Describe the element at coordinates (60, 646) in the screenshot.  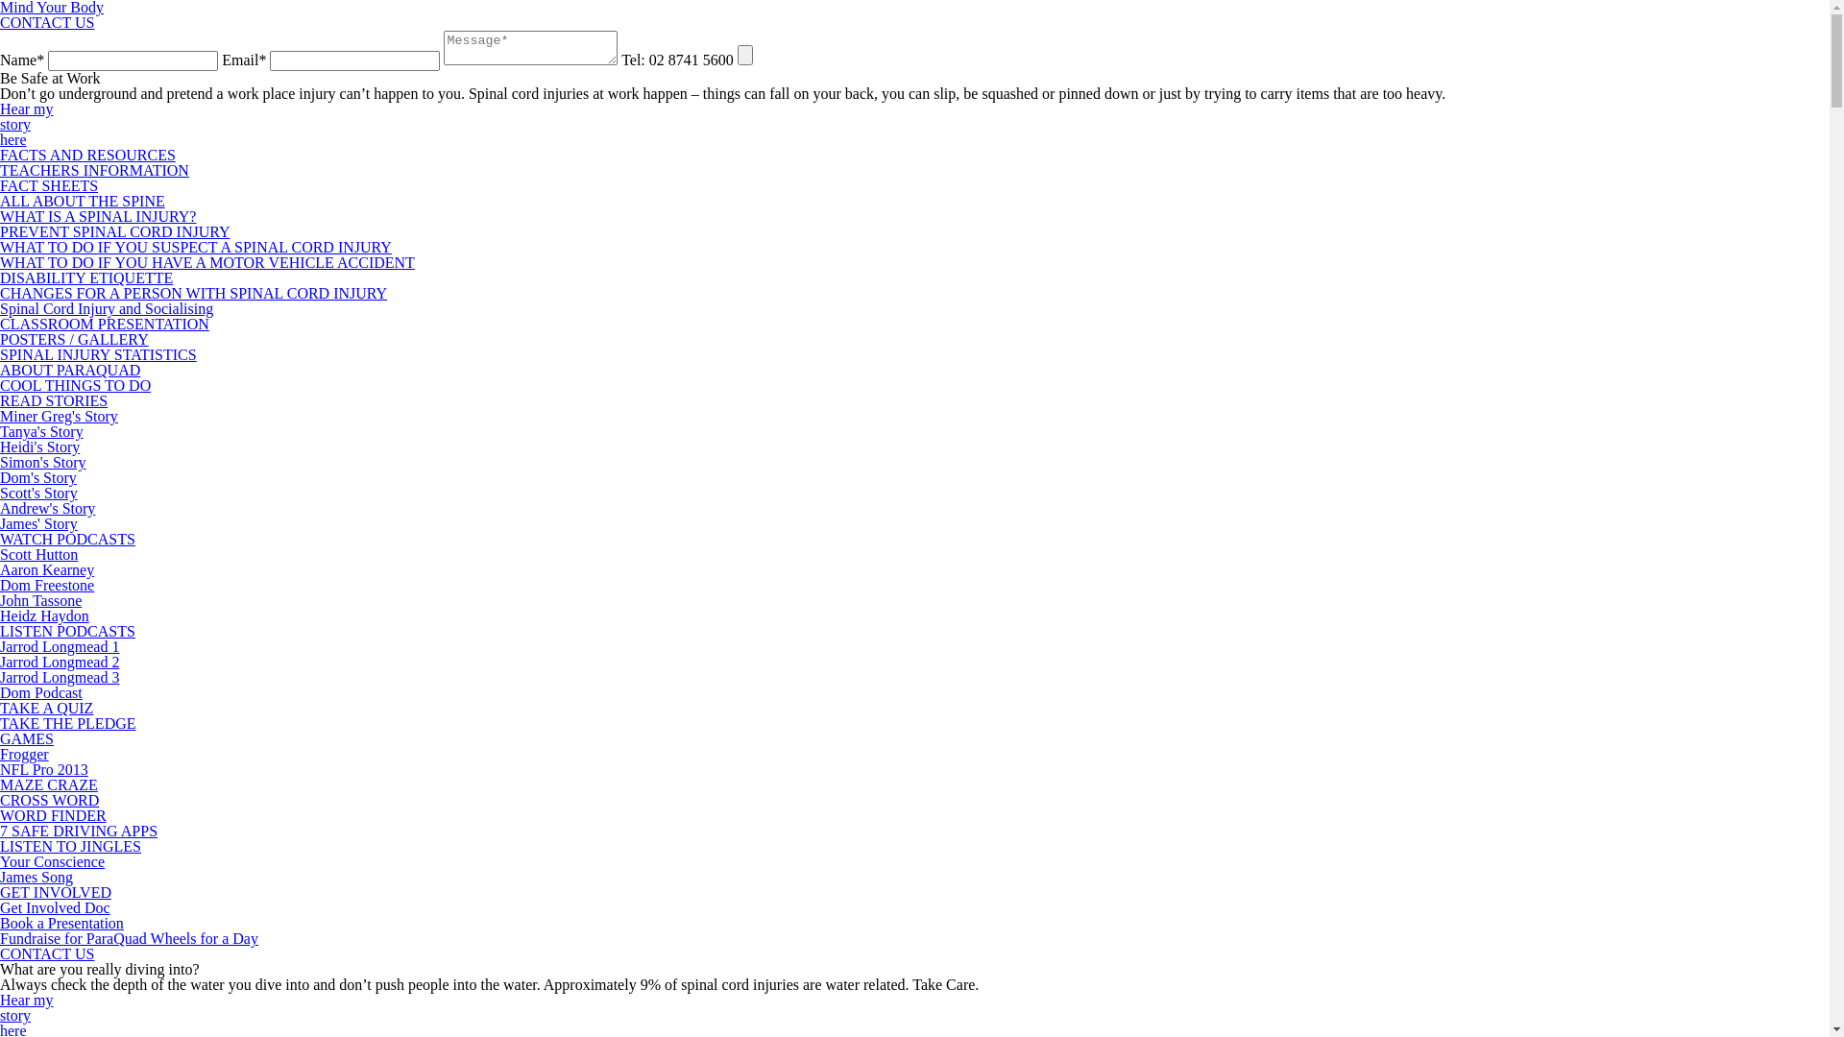
I see `'Jarrod Longmead 1'` at that location.